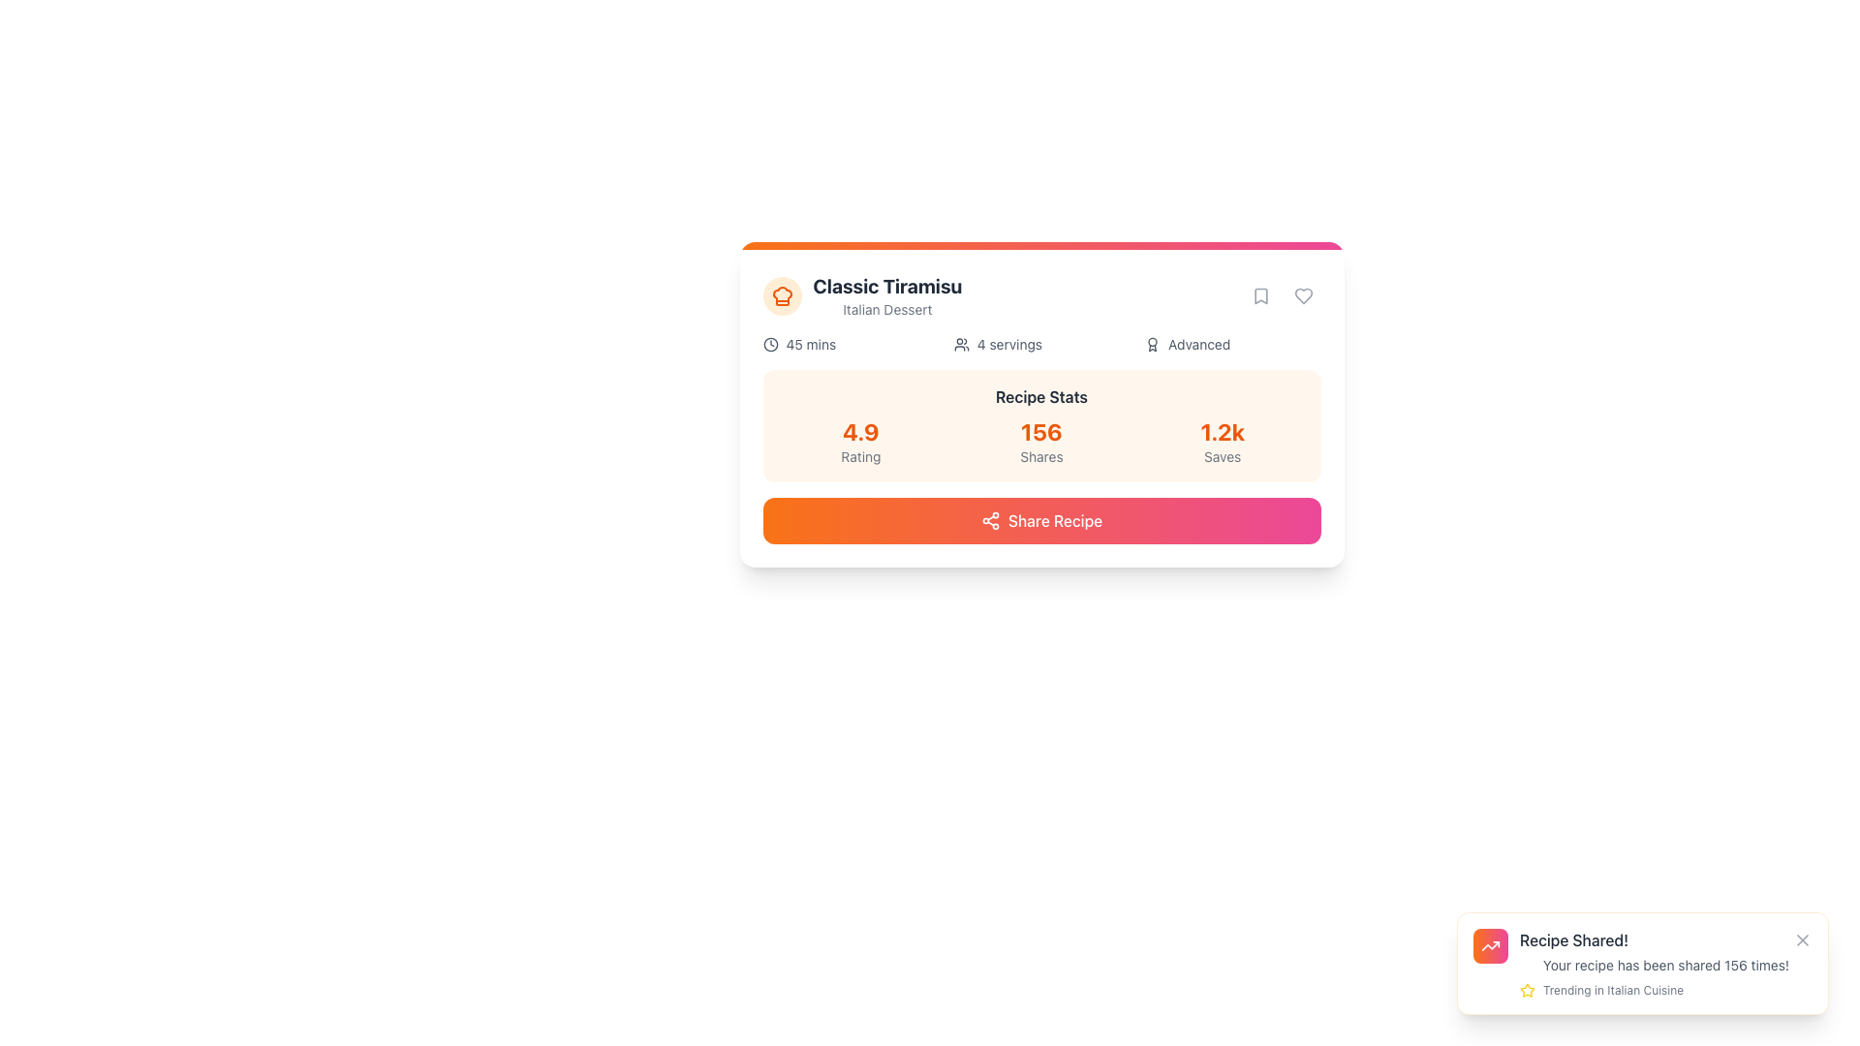 The width and height of the screenshot is (1860, 1046). What do you see at coordinates (1040, 395) in the screenshot?
I see `the 'Recipe Stats' text label, which is displayed in bold sans-serif font and colored dark gray, located at the top center of the statistics section below the title 'Classic Tiramisu'` at bounding box center [1040, 395].